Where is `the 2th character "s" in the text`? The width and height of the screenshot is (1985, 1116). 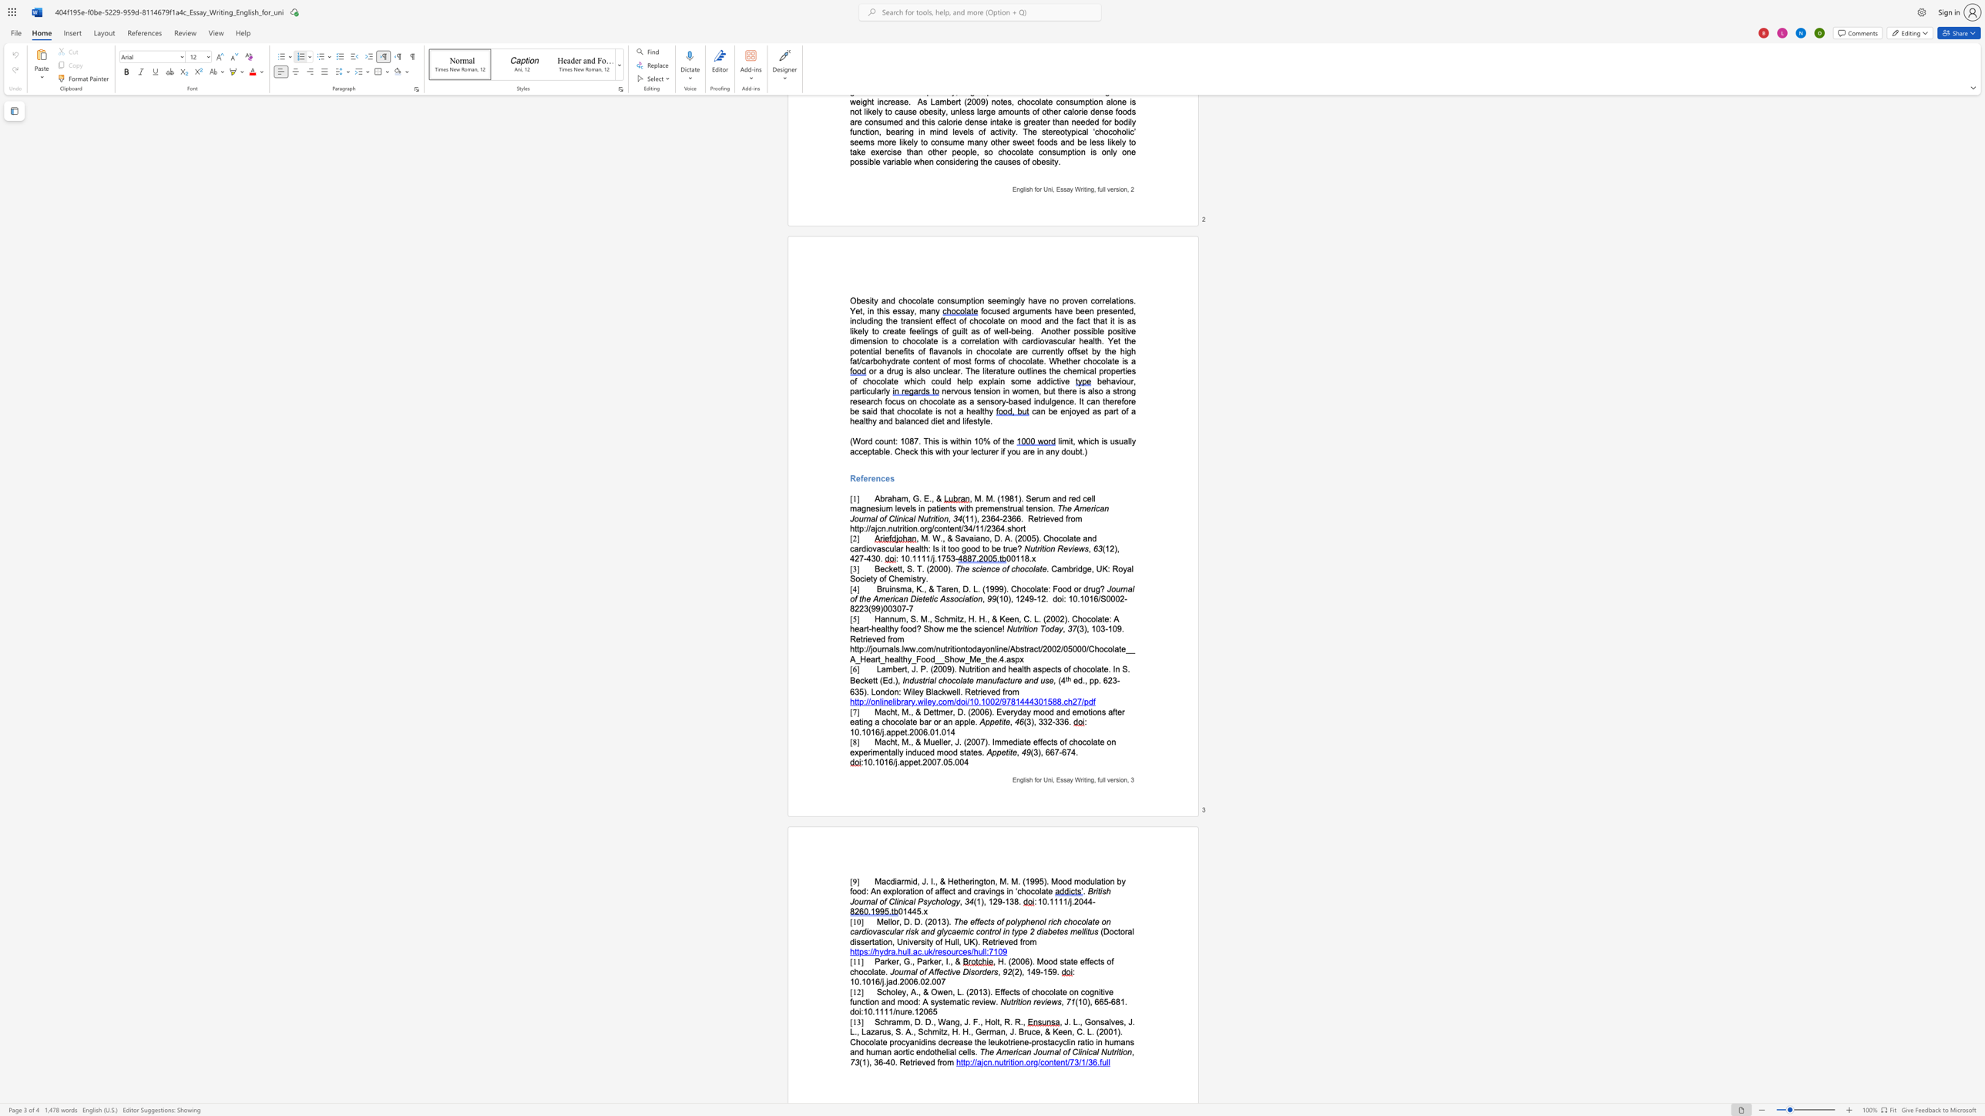
the 2th character "s" in the text is located at coordinates (1046, 681).